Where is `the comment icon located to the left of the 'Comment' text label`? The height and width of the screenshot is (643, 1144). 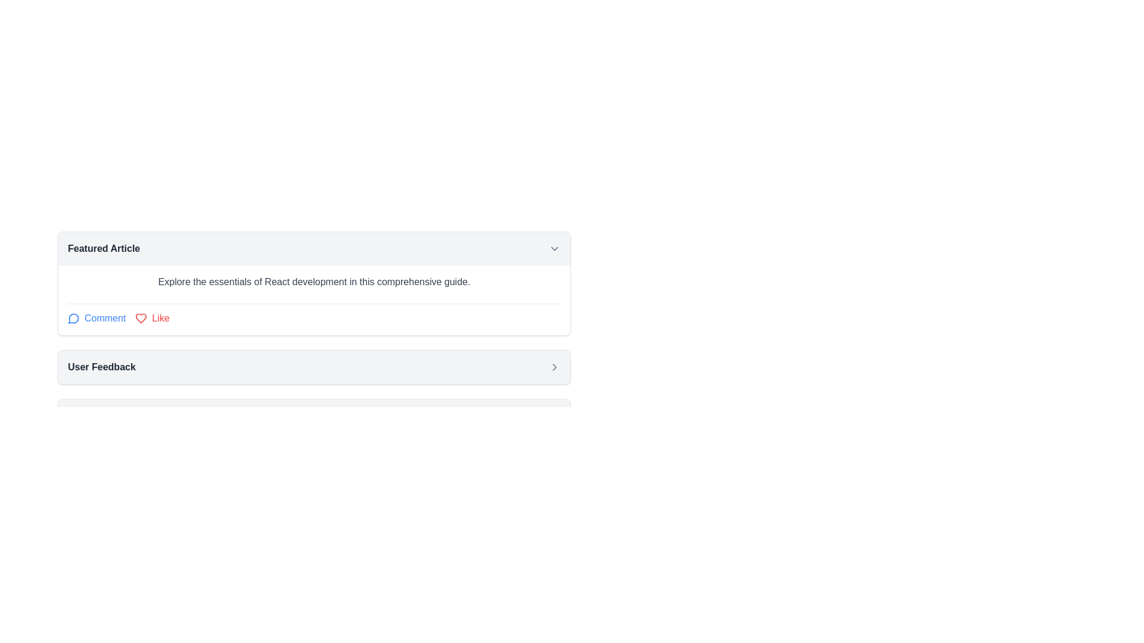
the comment icon located to the left of the 'Comment' text label is located at coordinates (73, 318).